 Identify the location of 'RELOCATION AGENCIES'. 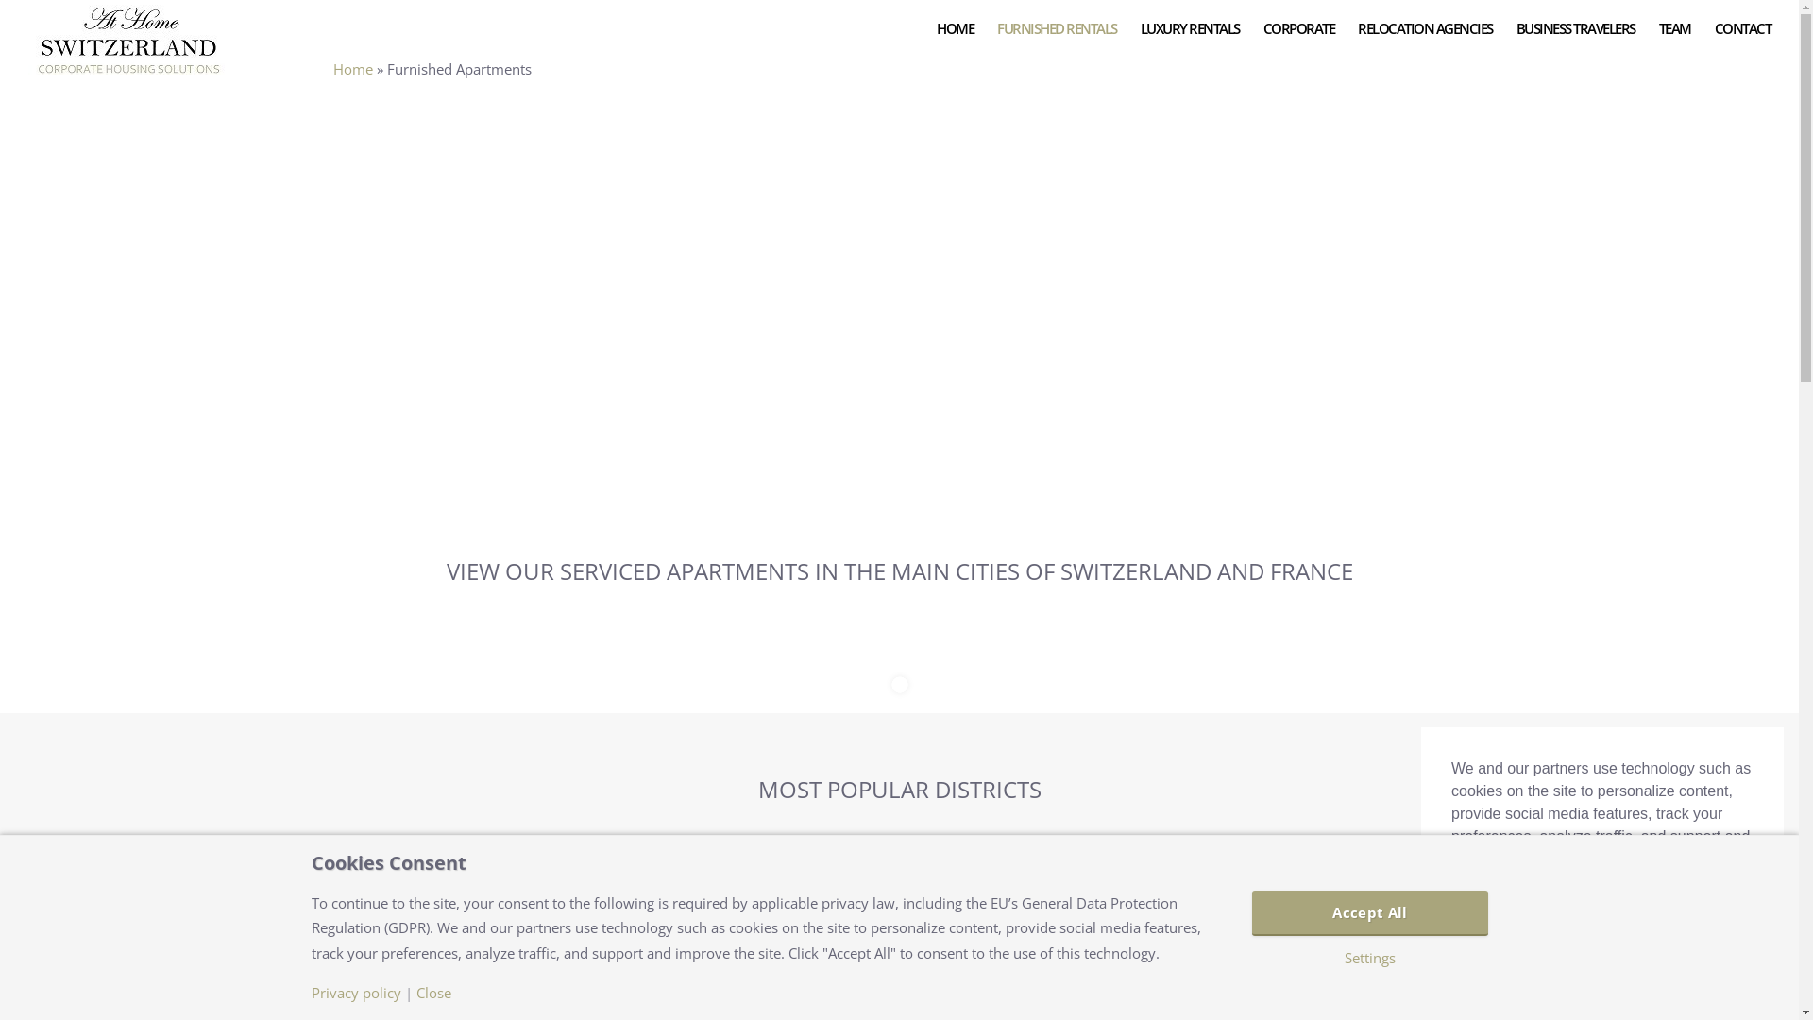
(1425, 28).